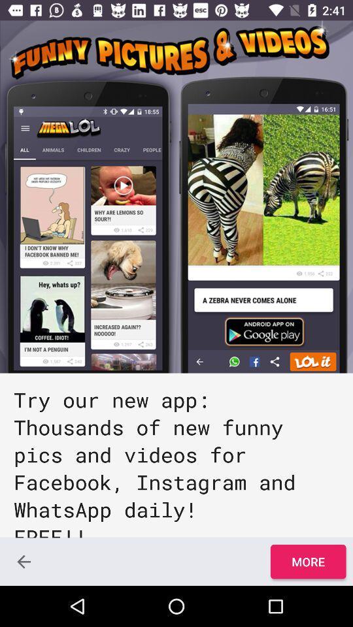 This screenshot has width=353, height=627. Describe the element at coordinates (24, 561) in the screenshot. I see `the item at the bottom left corner` at that location.